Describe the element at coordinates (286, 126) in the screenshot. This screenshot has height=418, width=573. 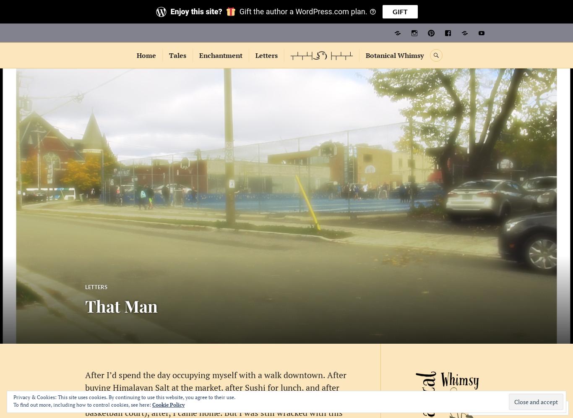
I see `'Subscribe now to keep reading and get access to the full archive.'` at that location.